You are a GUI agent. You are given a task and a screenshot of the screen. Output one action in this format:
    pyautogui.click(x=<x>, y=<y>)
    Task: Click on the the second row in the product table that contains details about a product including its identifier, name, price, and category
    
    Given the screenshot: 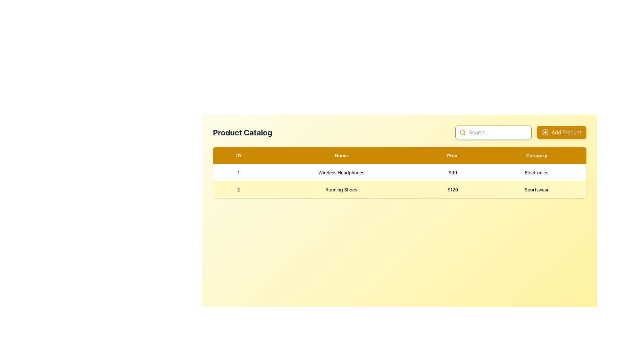 What is the action you would take?
    pyautogui.click(x=399, y=189)
    